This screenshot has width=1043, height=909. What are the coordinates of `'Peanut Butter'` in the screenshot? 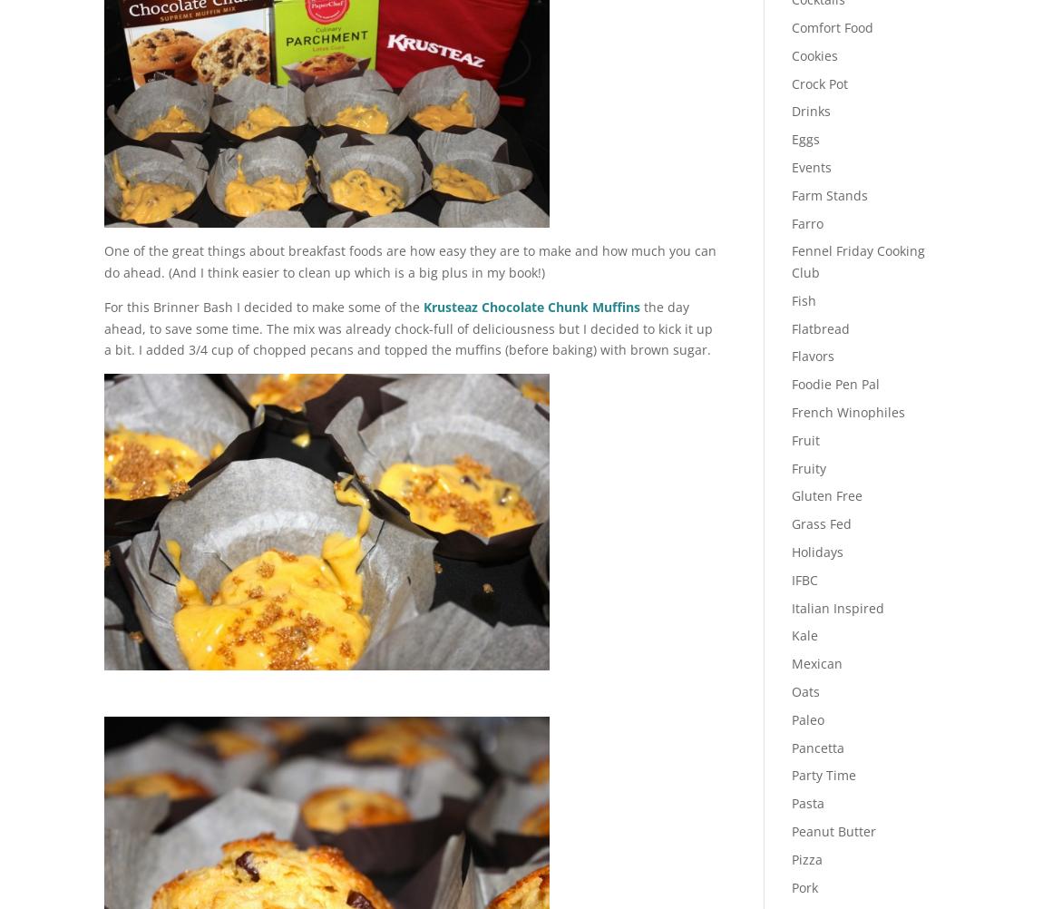 It's located at (833, 831).